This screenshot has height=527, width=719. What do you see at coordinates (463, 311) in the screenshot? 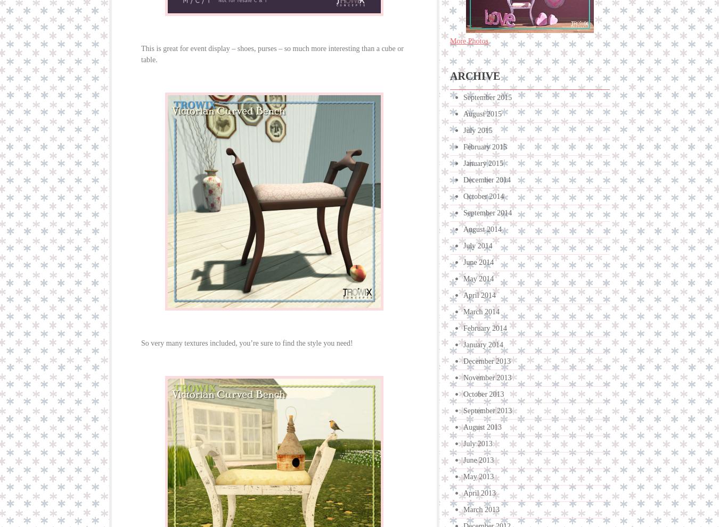
I see `'March 2014'` at bounding box center [463, 311].